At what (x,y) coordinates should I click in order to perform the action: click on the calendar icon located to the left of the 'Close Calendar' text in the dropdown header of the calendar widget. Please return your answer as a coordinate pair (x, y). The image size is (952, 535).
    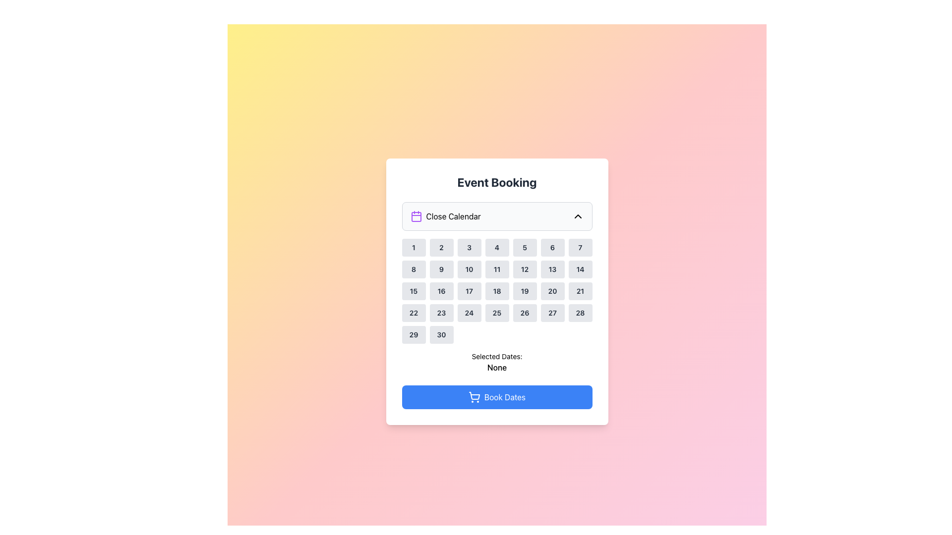
    Looking at the image, I should click on (416, 215).